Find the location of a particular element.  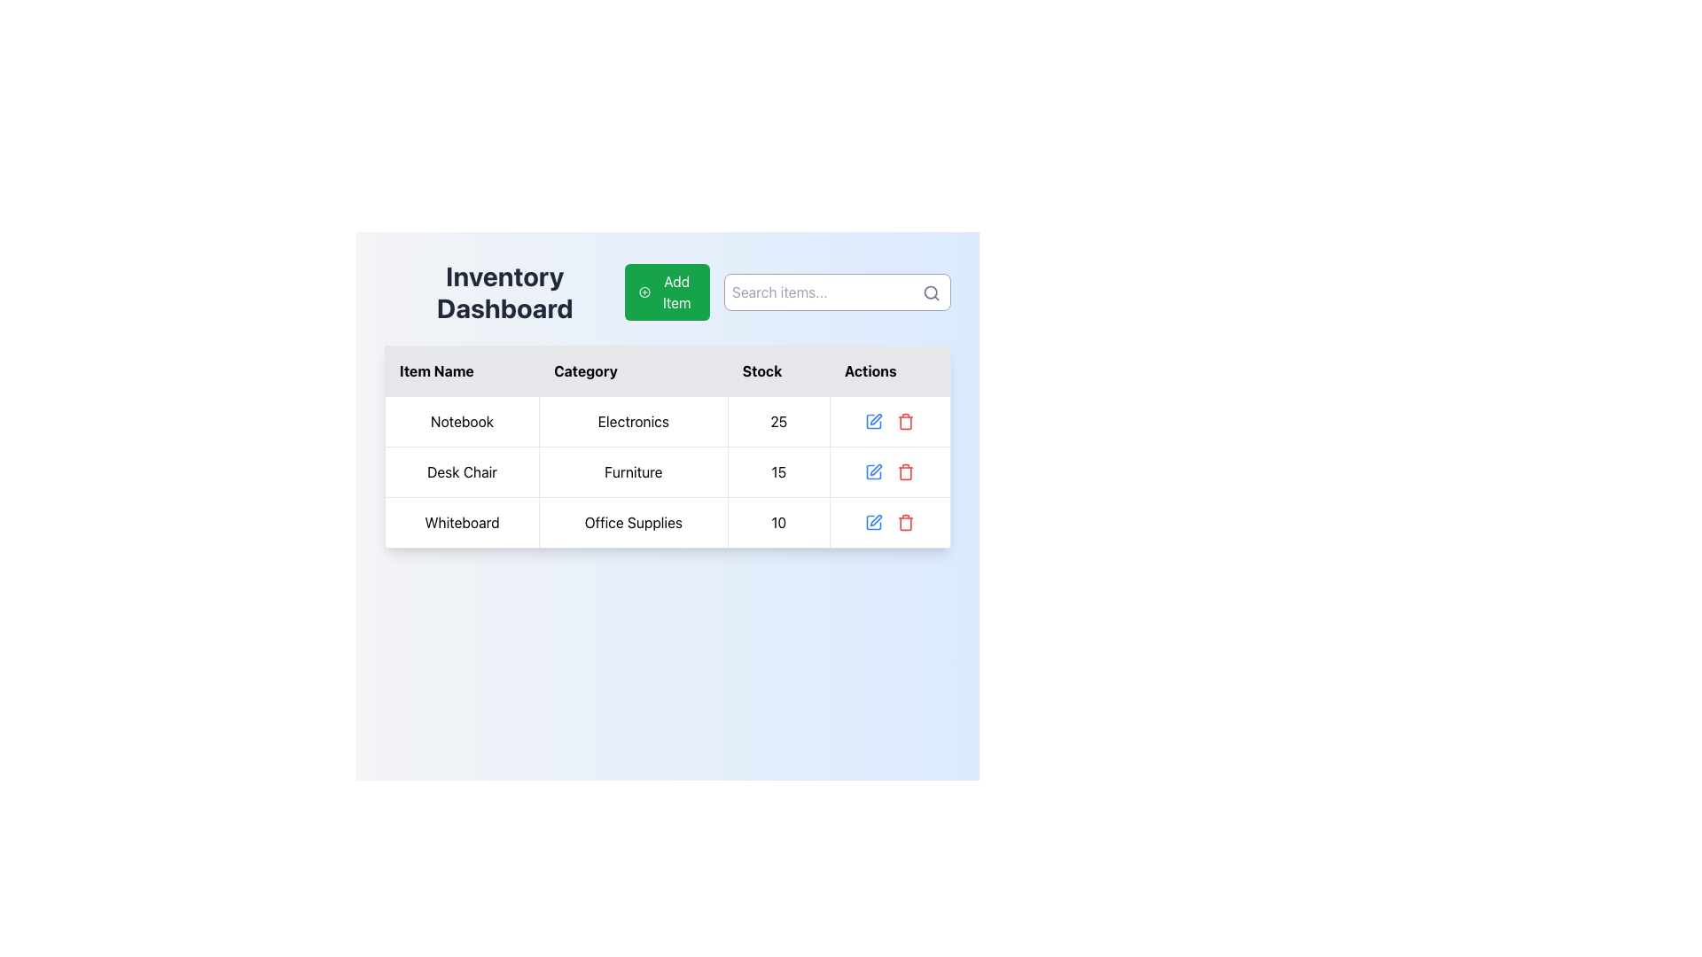

the red trash can icon in the 'Actions' column of the table layout is located at coordinates (906, 421).